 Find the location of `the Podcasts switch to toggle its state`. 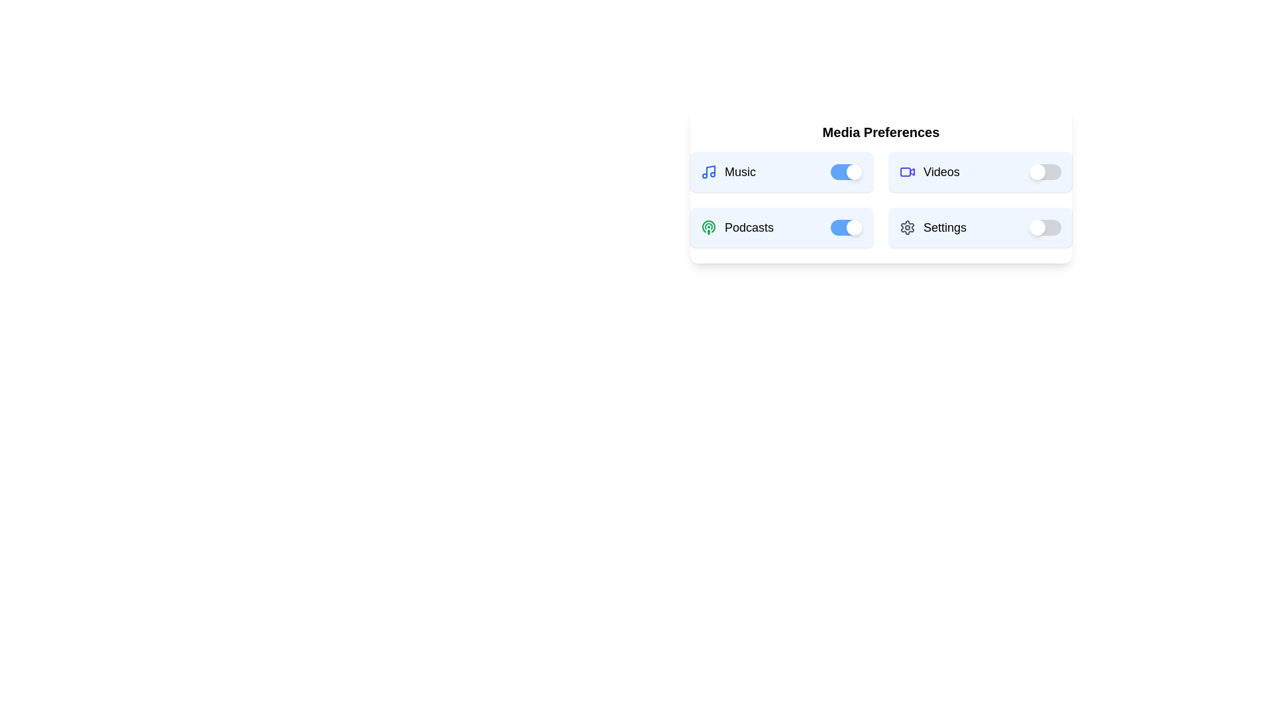

the Podcasts switch to toggle its state is located at coordinates (845, 226).